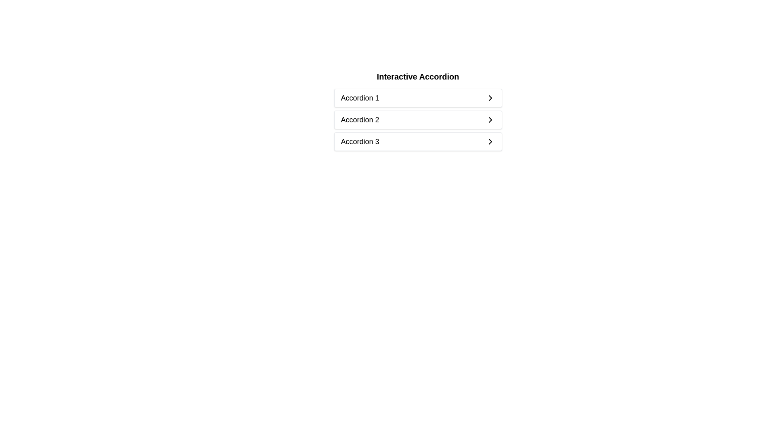 This screenshot has width=775, height=436. What do you see at coordinates (360, 141) in the screenshot?
I see `the text label 'Accordion 3' which is part of the third accordion item in the vertically stacked group of accordion items` at bounding box center [360, 141].